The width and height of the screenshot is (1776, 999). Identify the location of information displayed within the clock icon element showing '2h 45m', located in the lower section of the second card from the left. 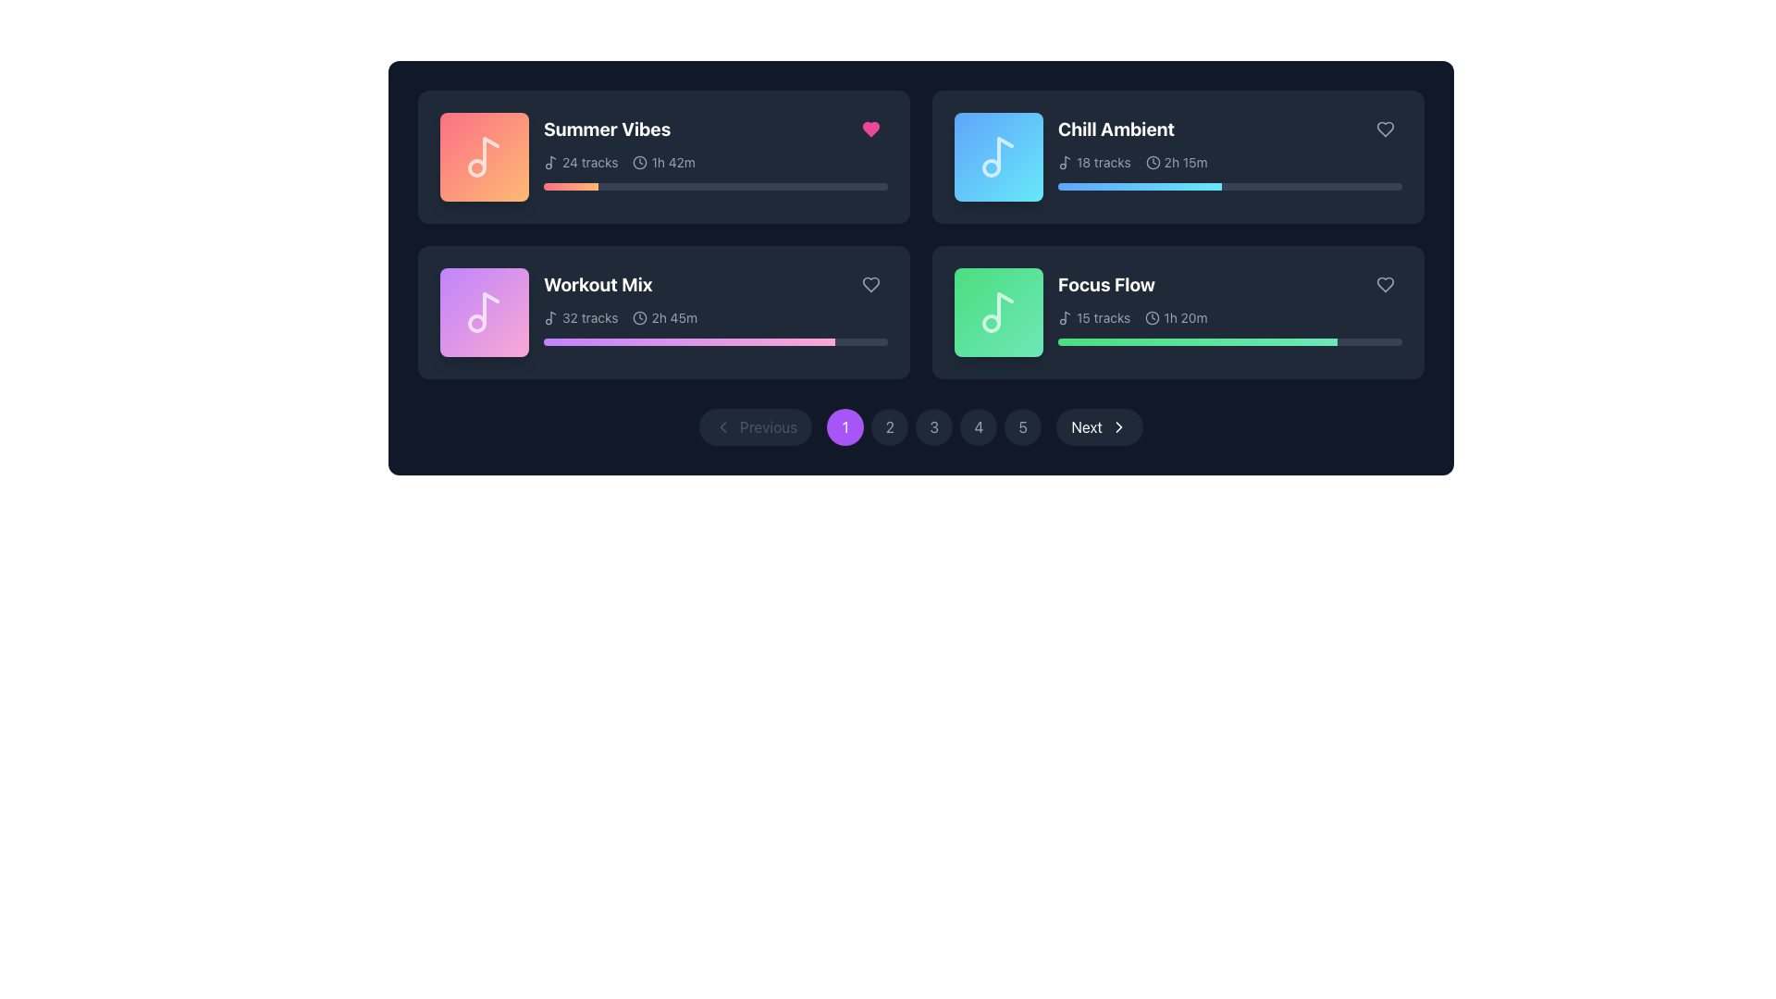
(665, 316).